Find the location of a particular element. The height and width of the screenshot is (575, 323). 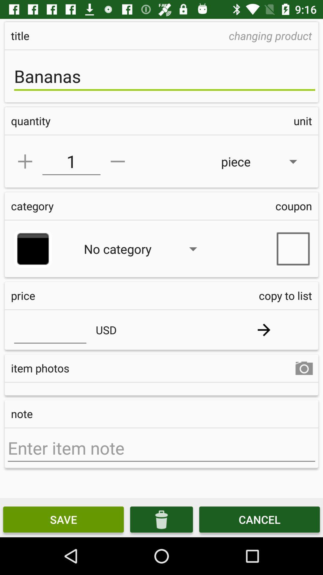

note is located at coordinates (161, 448).